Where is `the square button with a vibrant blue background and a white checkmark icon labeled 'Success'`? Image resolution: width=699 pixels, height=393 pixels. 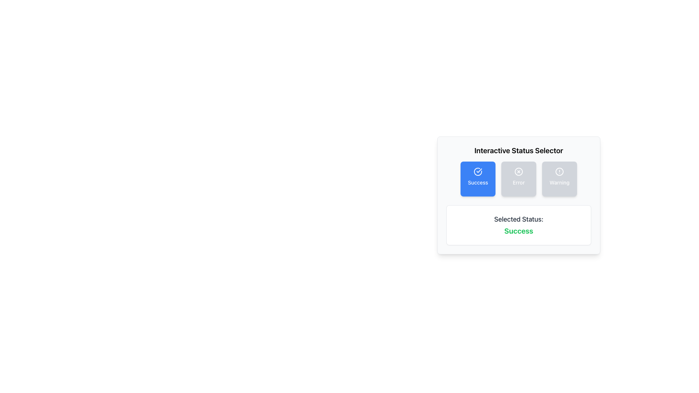 the square button with a vibrant blue background and a white checkmark icon labeled 'Success' is located at coordinates (478, 179).